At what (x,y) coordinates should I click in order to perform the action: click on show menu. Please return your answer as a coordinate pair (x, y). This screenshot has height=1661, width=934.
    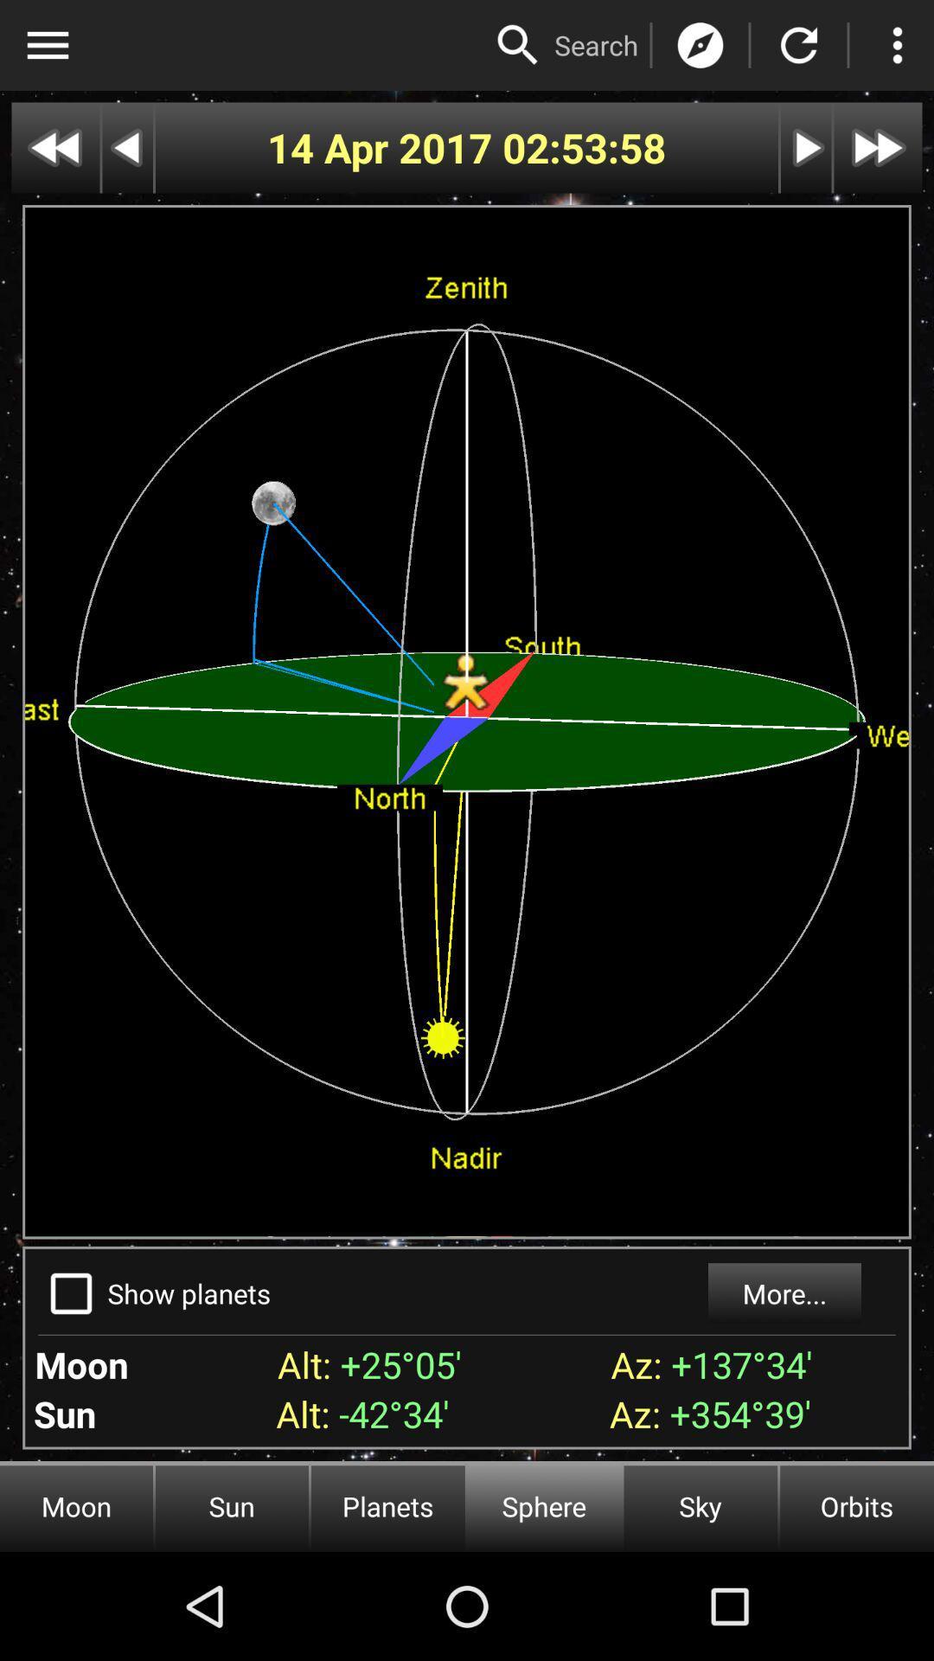
    Looking at the image, I should click on (47, 45).